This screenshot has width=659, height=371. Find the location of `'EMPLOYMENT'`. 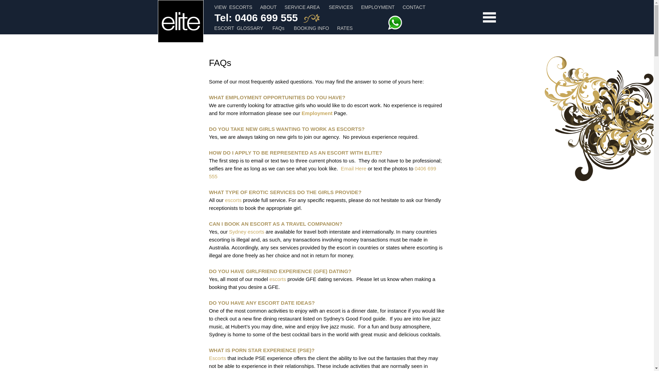

'EMPLOYMENT' is located at coordinates (377, 7).